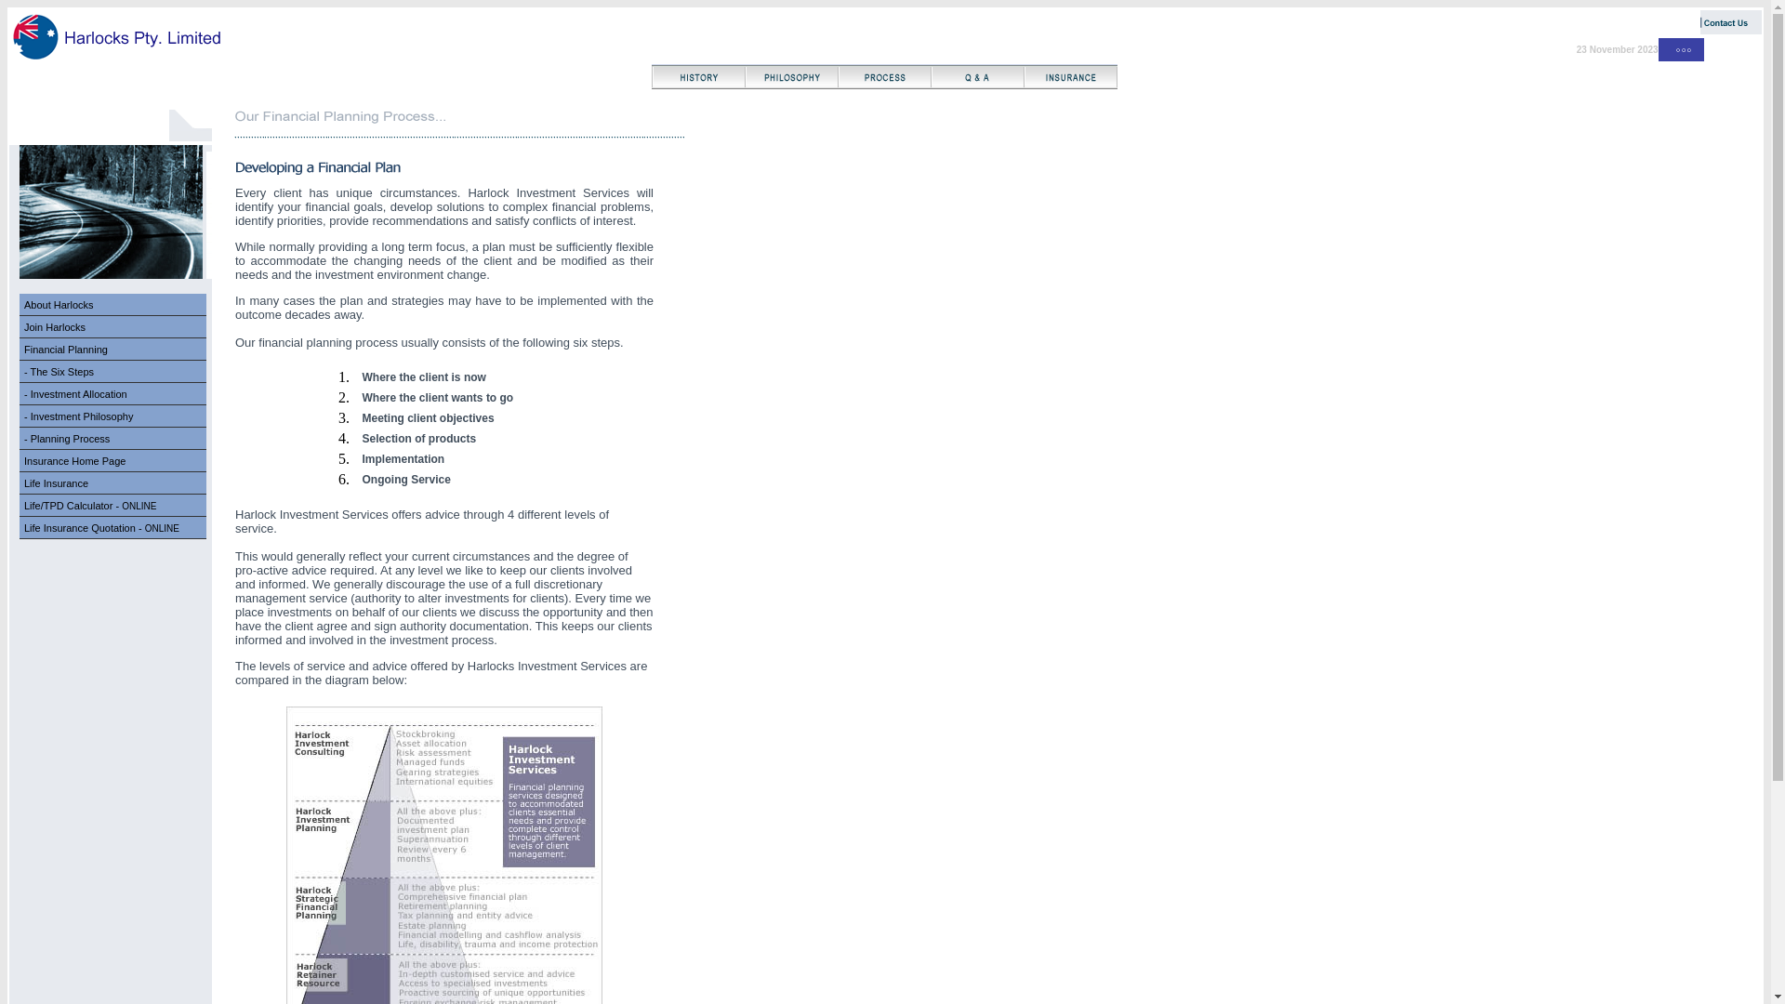 Image resolution: width=1785 pixels, height=1004 pixels. Describe the element at coordinates (112, 371) in the screenshot. I see `'- The Six Steps'` at that location.